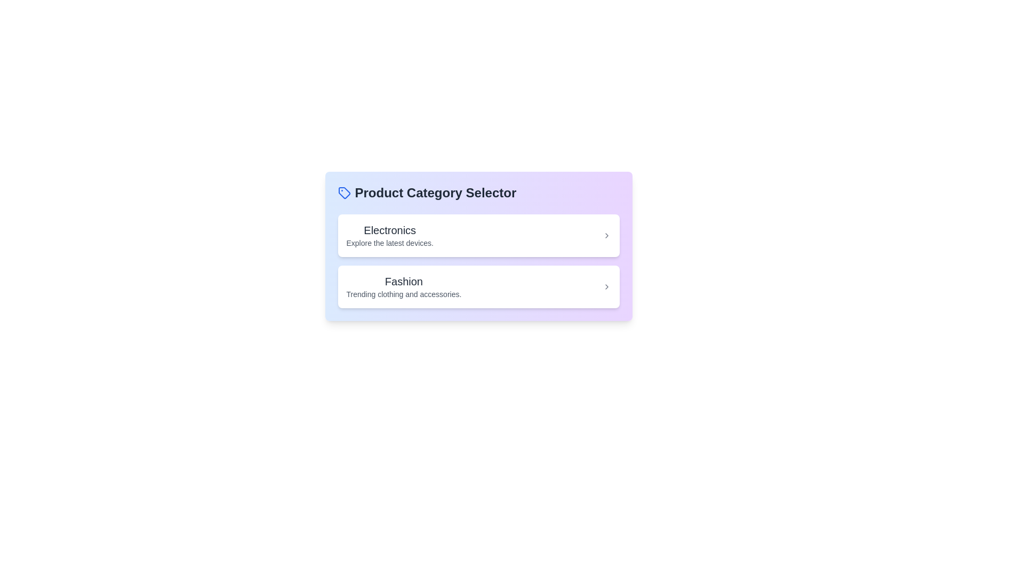  I want to click on the tag-like icon outlined in bold blue color, located to the far left of the 'Product Category Selector' header, so click(344, 193).